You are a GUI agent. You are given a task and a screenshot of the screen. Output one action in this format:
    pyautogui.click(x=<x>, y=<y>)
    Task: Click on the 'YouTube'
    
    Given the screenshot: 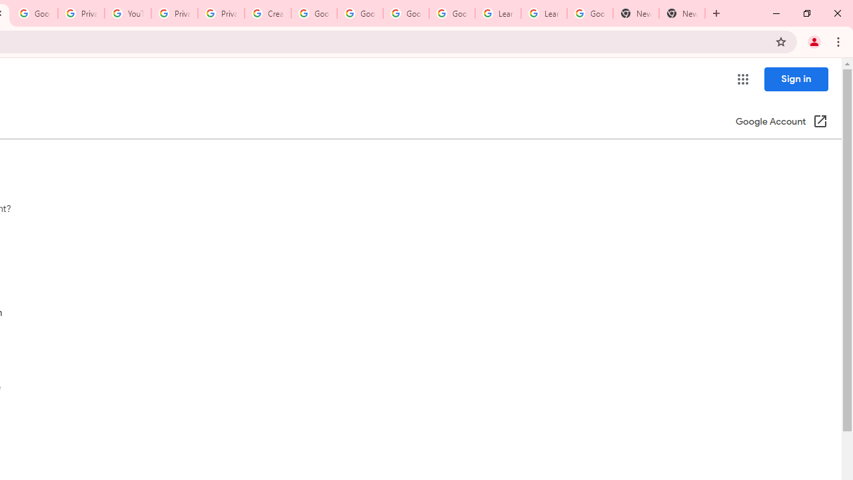 What is the action you would take?
    pyautogui.click(x=128, y=13)
    